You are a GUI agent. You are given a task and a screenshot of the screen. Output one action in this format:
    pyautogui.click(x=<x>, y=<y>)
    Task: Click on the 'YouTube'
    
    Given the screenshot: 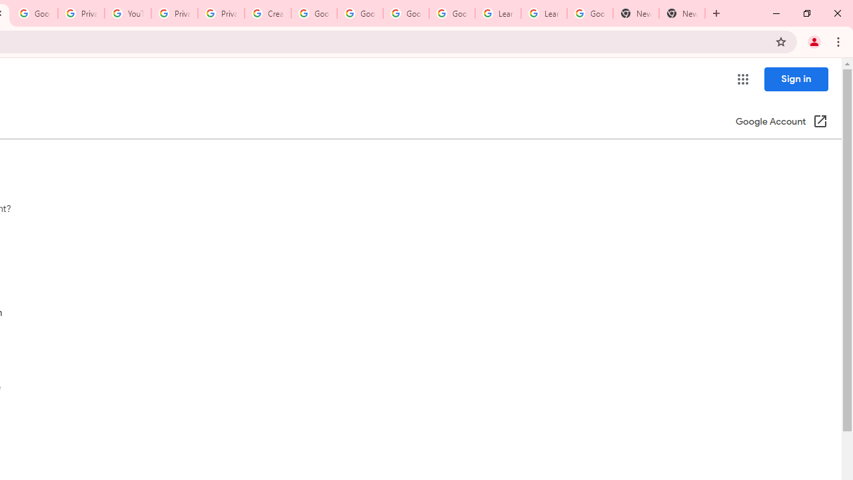 What is the action you would take?
    pyautogui.click(x=128, y=13)
    